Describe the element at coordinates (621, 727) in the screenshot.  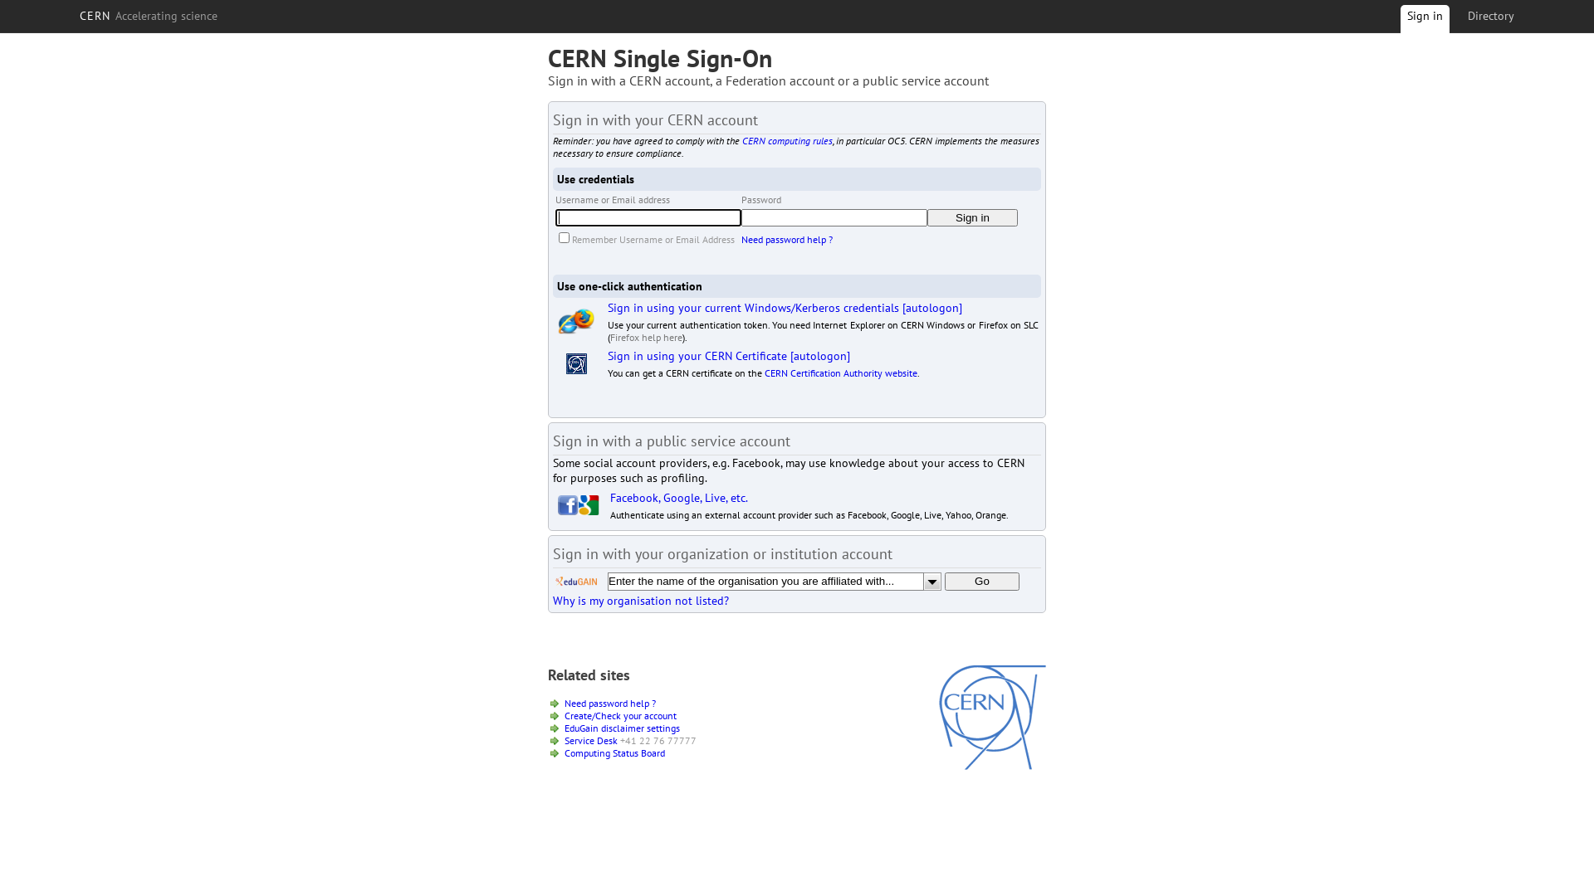
I see `'EduGain disclaimer settings'` at that location.